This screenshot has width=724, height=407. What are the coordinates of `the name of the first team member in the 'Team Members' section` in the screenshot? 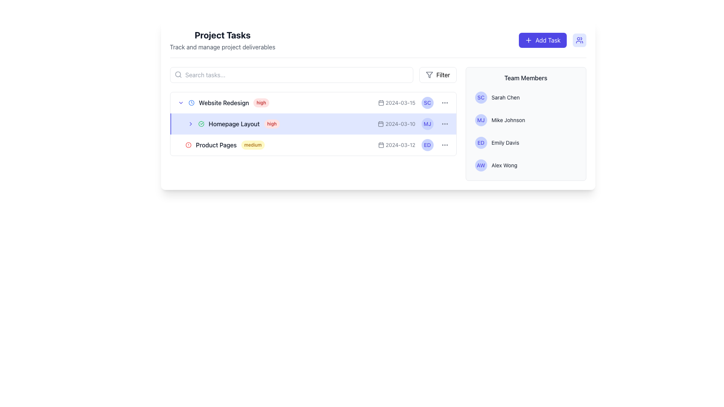 It's located at (525, 97).